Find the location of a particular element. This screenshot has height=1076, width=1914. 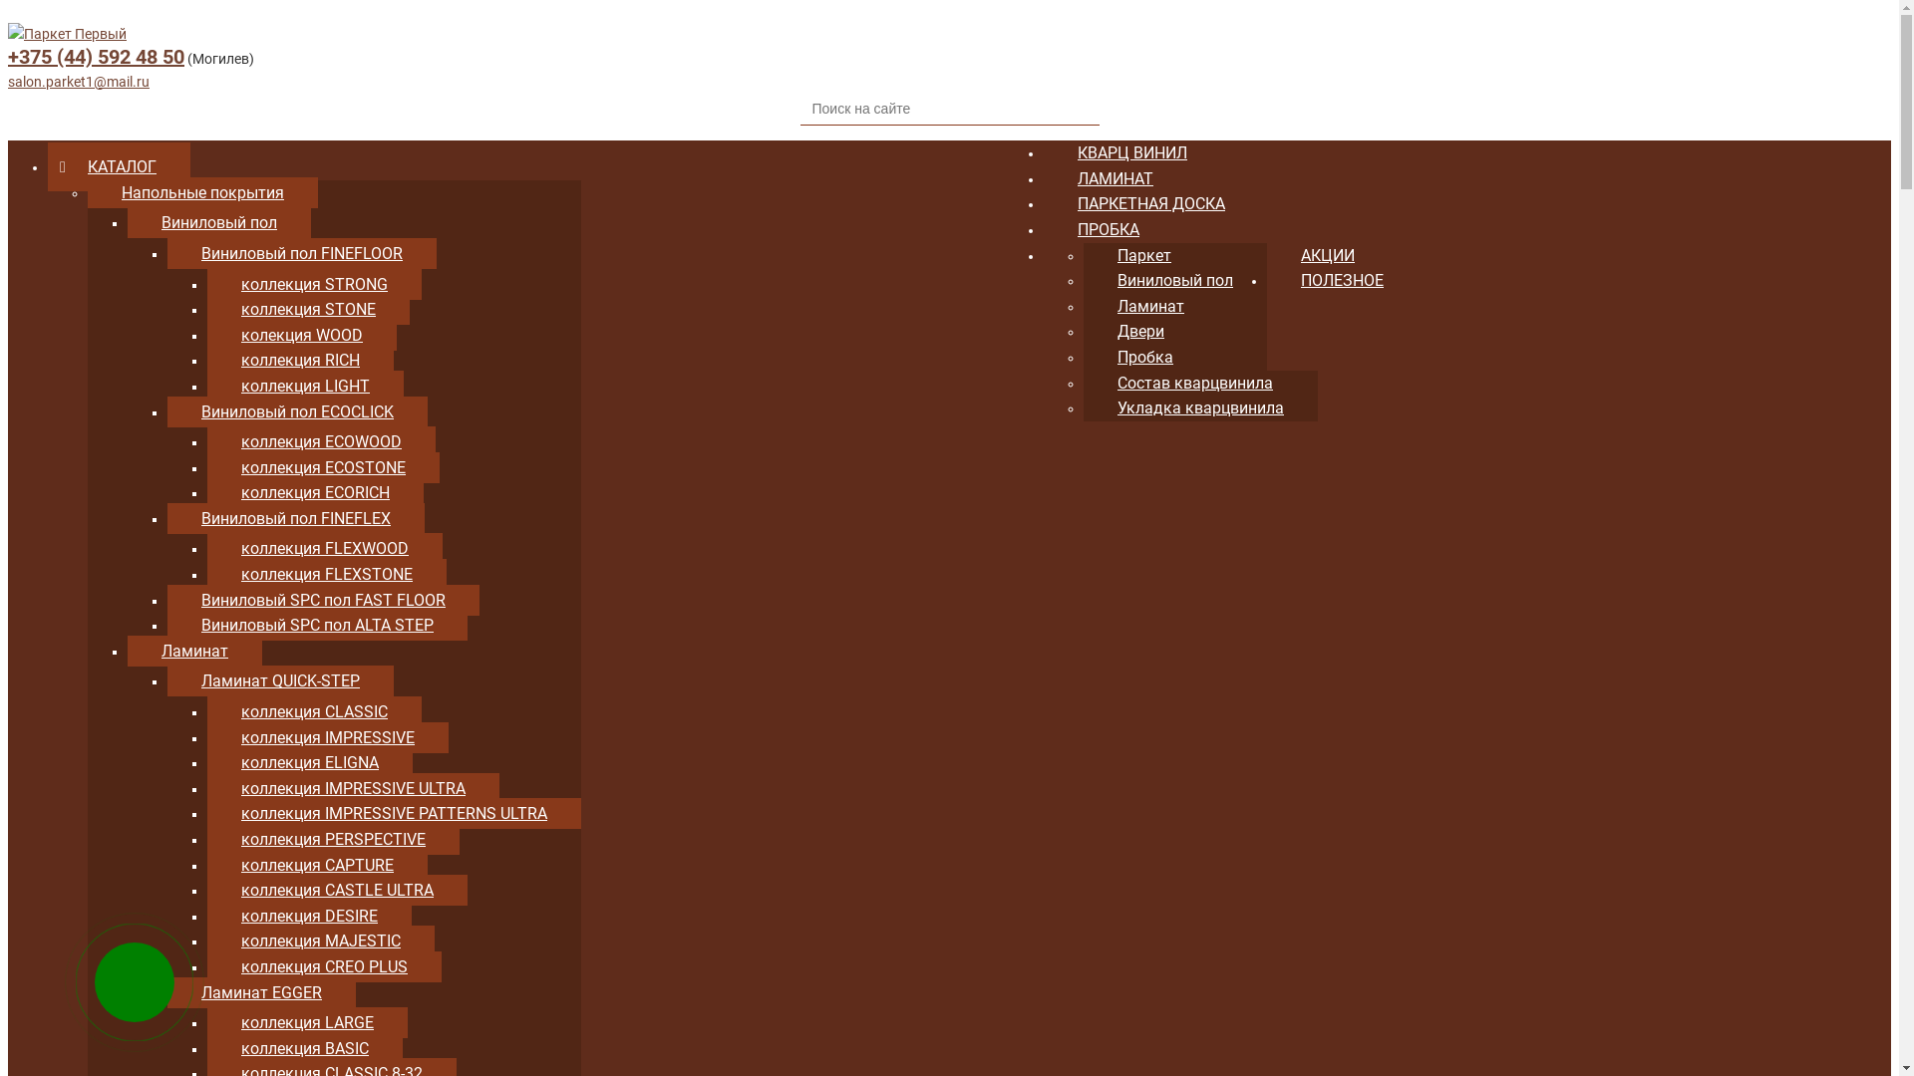

'salon.parket1@mail.ru' is located at coordinates (78, 80).